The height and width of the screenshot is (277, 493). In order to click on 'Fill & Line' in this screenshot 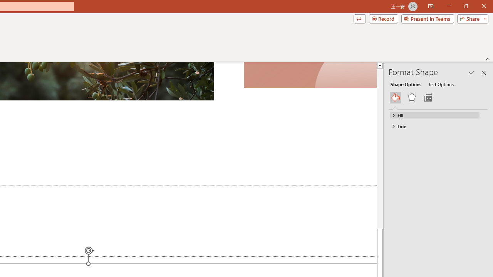, I will do `click(396, 97)`.